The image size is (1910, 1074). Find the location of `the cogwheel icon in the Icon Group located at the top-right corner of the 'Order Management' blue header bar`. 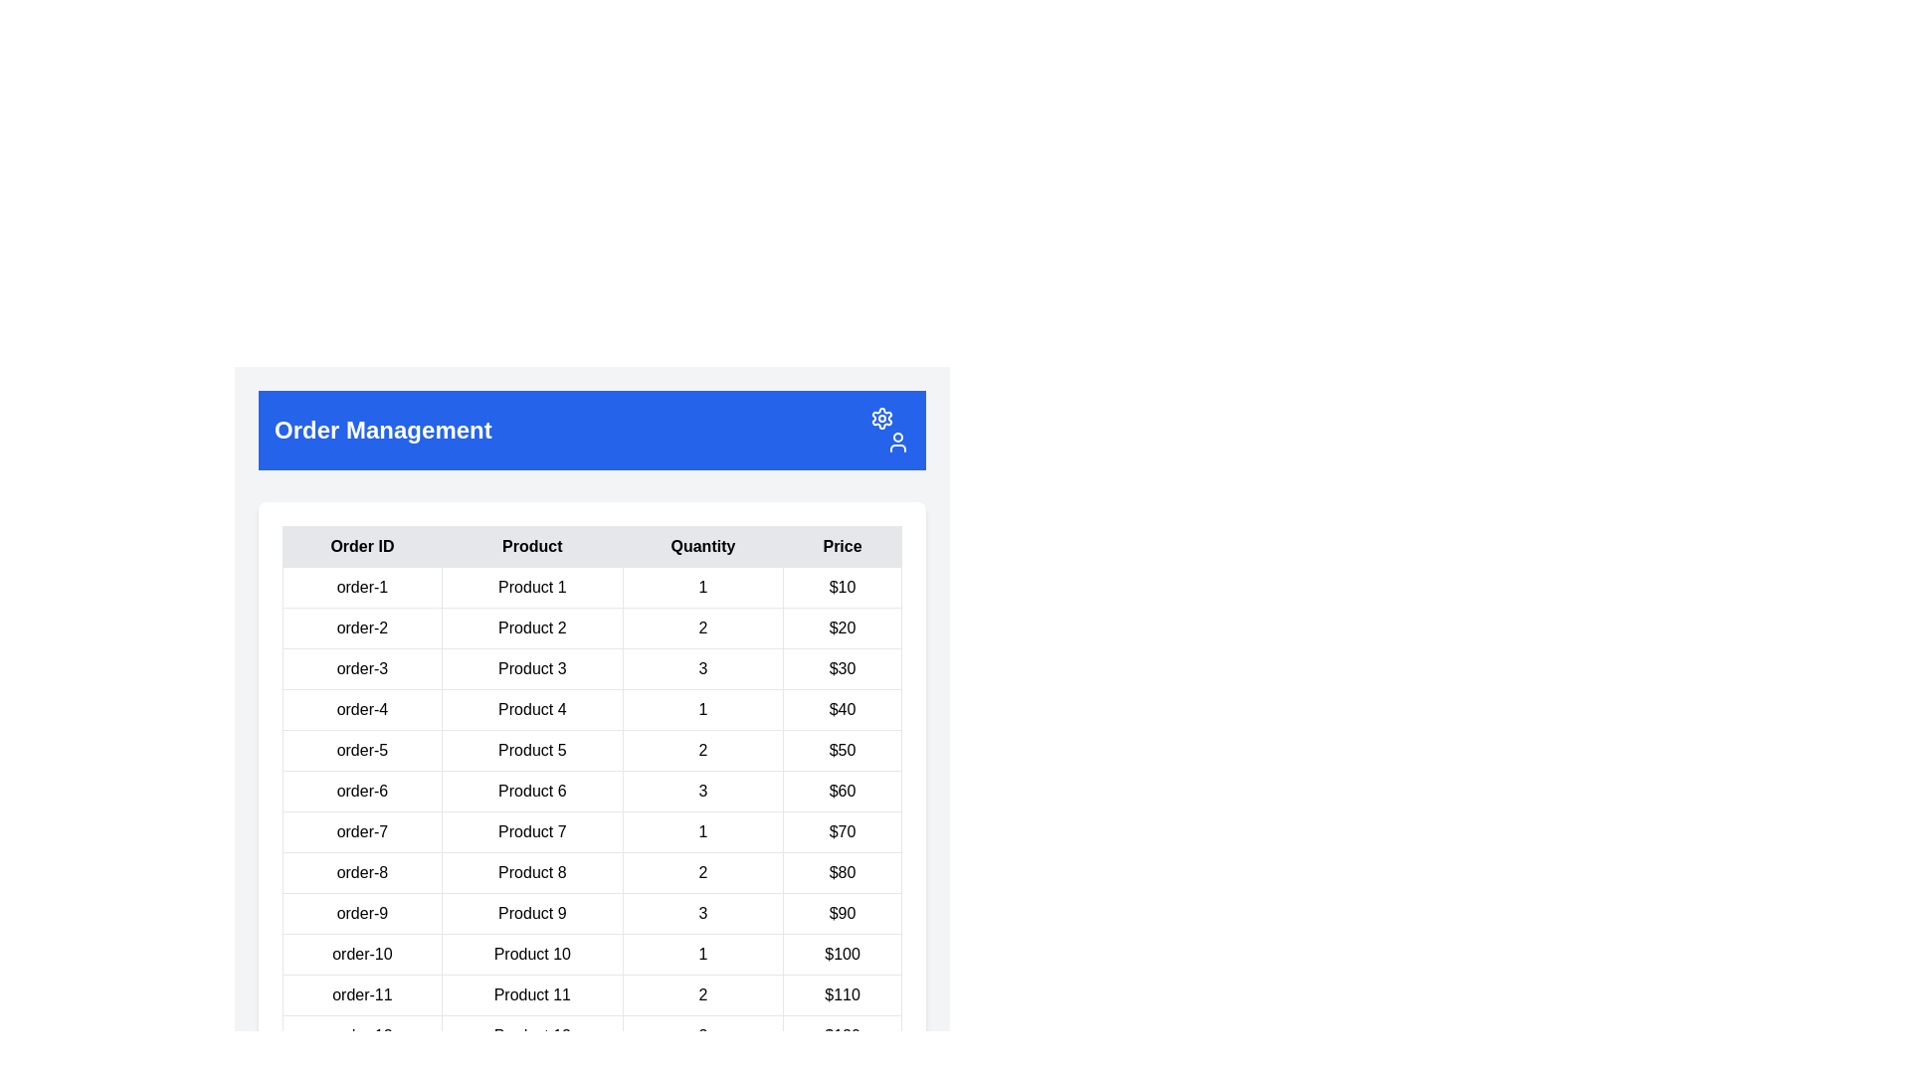

the cogwheel icon in the Icon Group located at the top-right corner of the 'Order Management' blue header bar is located at coordinates (888, 429).